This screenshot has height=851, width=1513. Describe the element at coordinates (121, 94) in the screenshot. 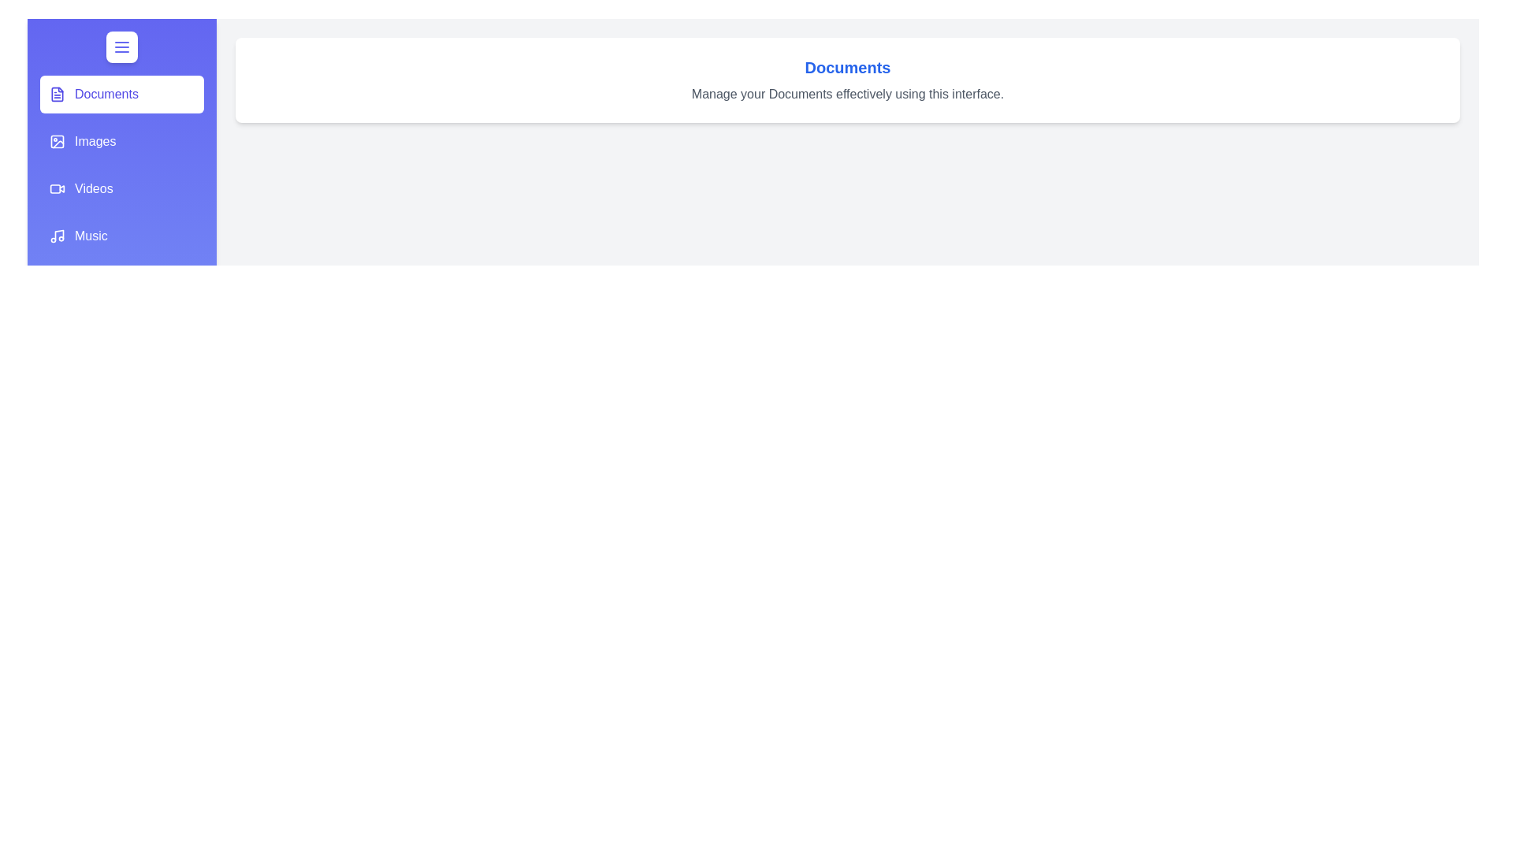

I see `the section Documents from the list` at that location.